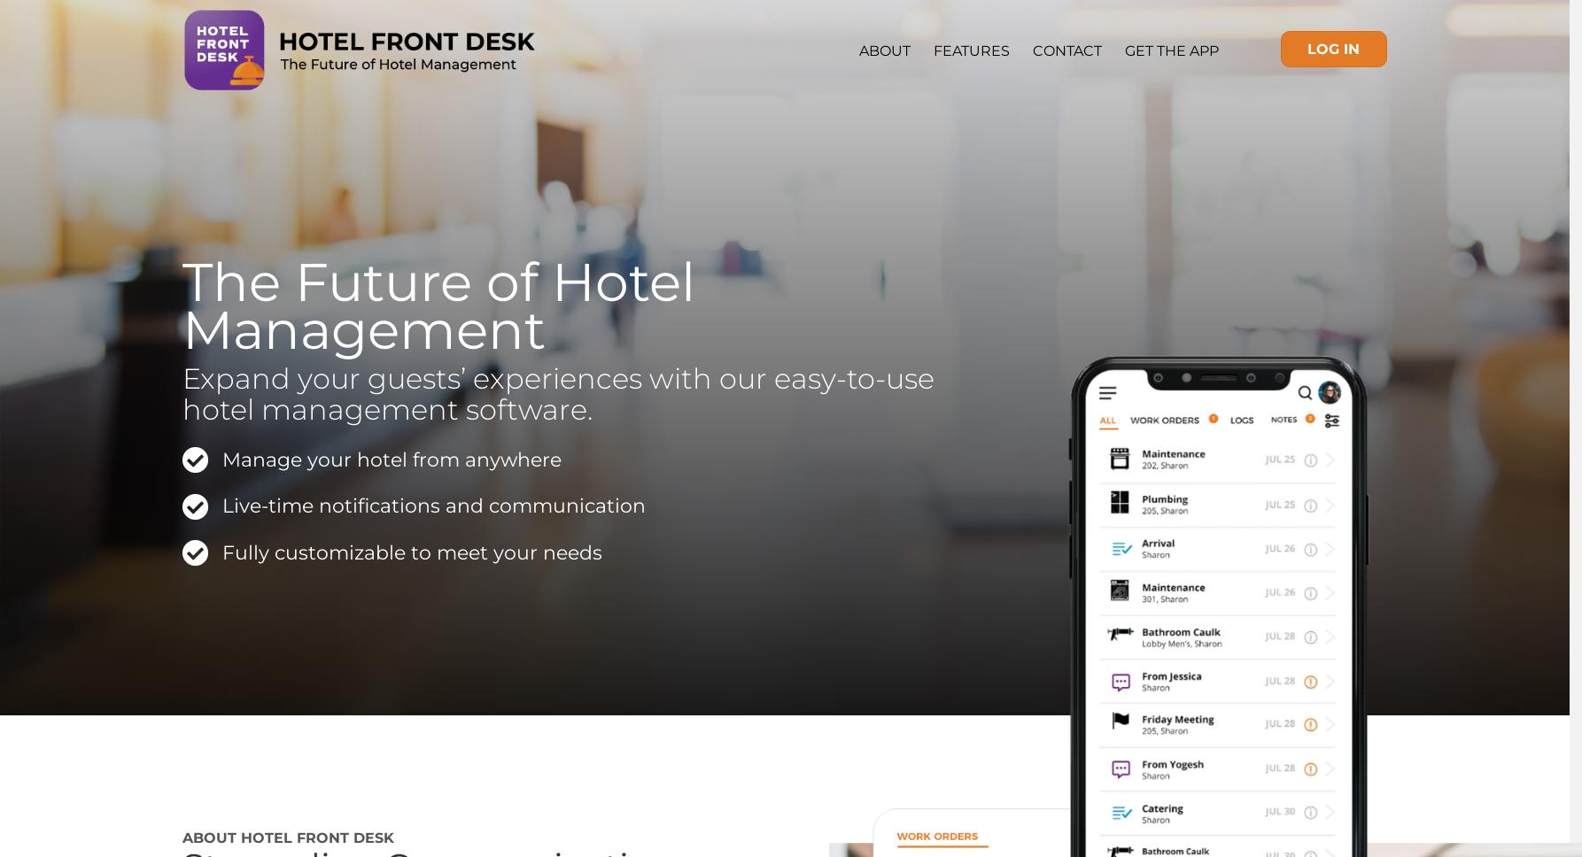  Describe the element at coordinates (1333, 48) in the screenshot. I see `'LOG IN'` at that location.